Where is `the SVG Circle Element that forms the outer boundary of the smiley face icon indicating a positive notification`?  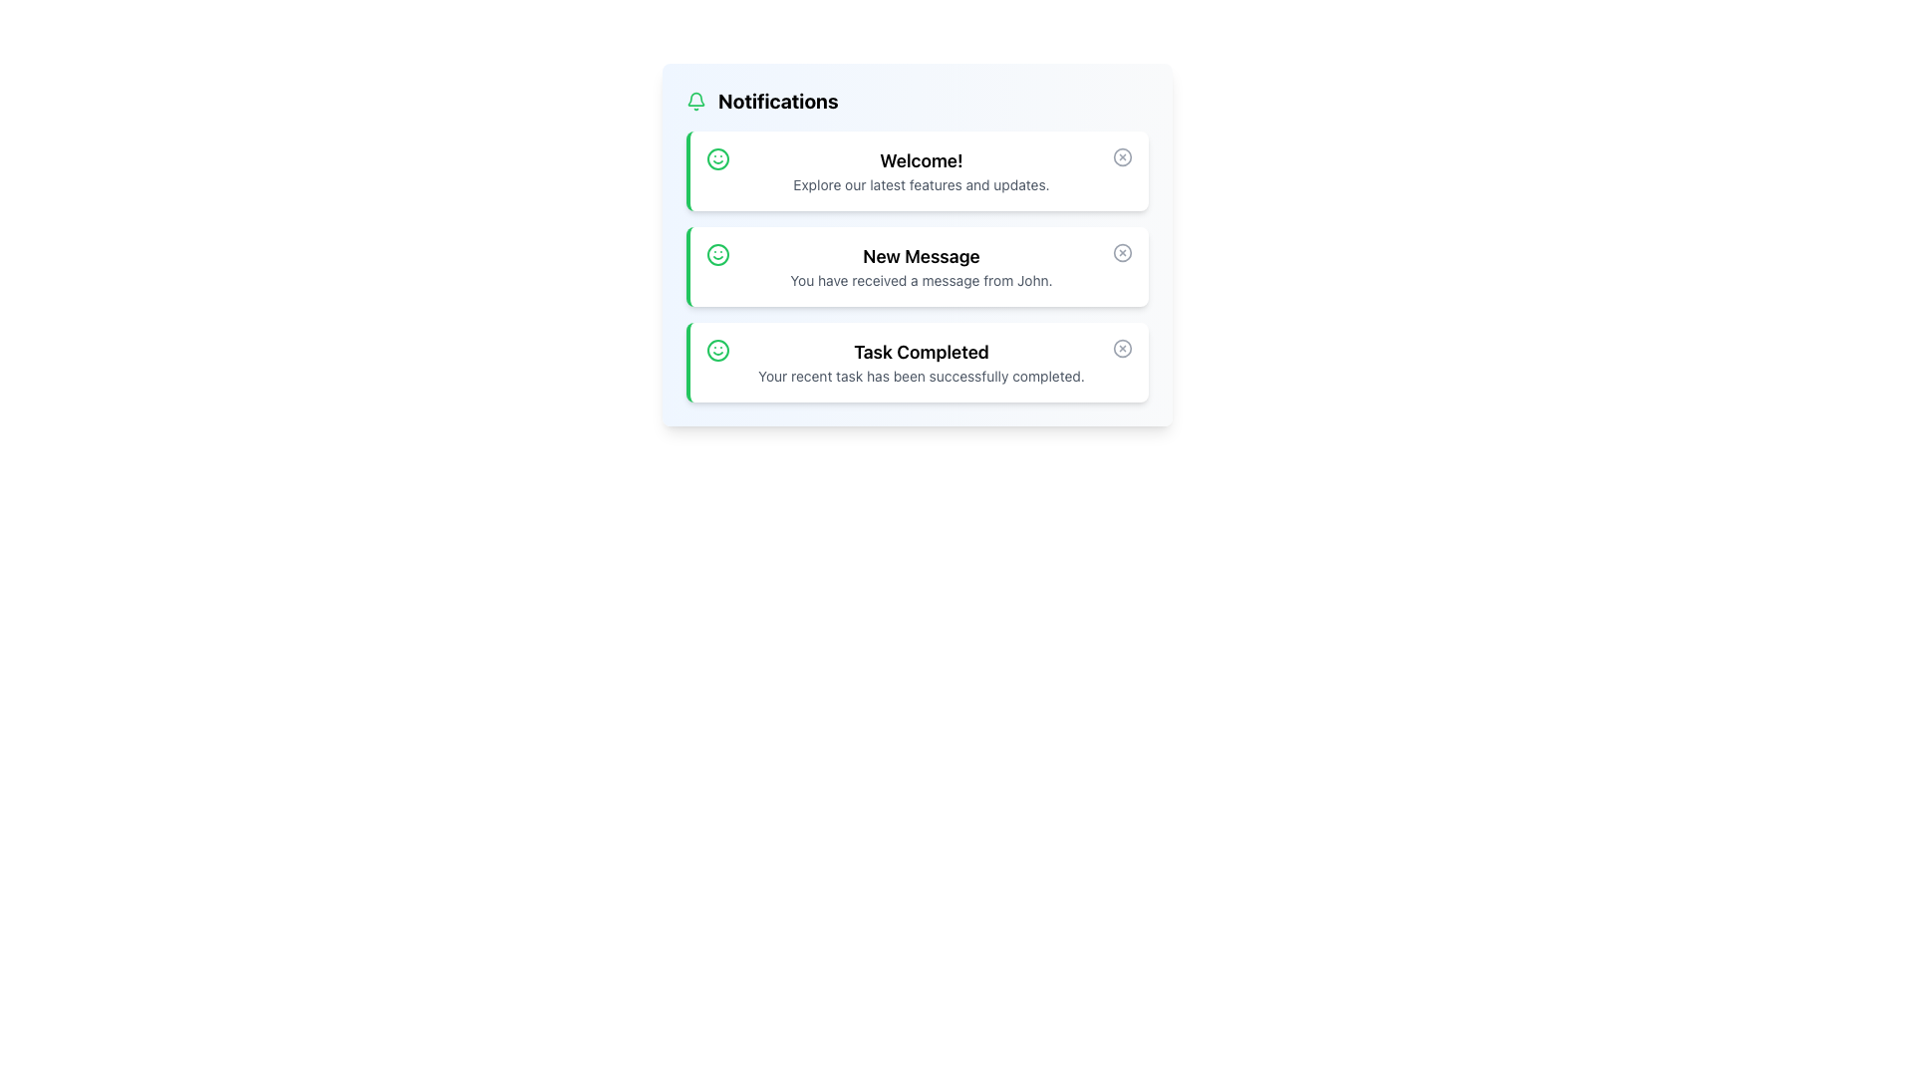 the SVG Circle Element that forms the outer boundary of the smiley face icon indicating a positive notification is located at coordinates (717, 349).